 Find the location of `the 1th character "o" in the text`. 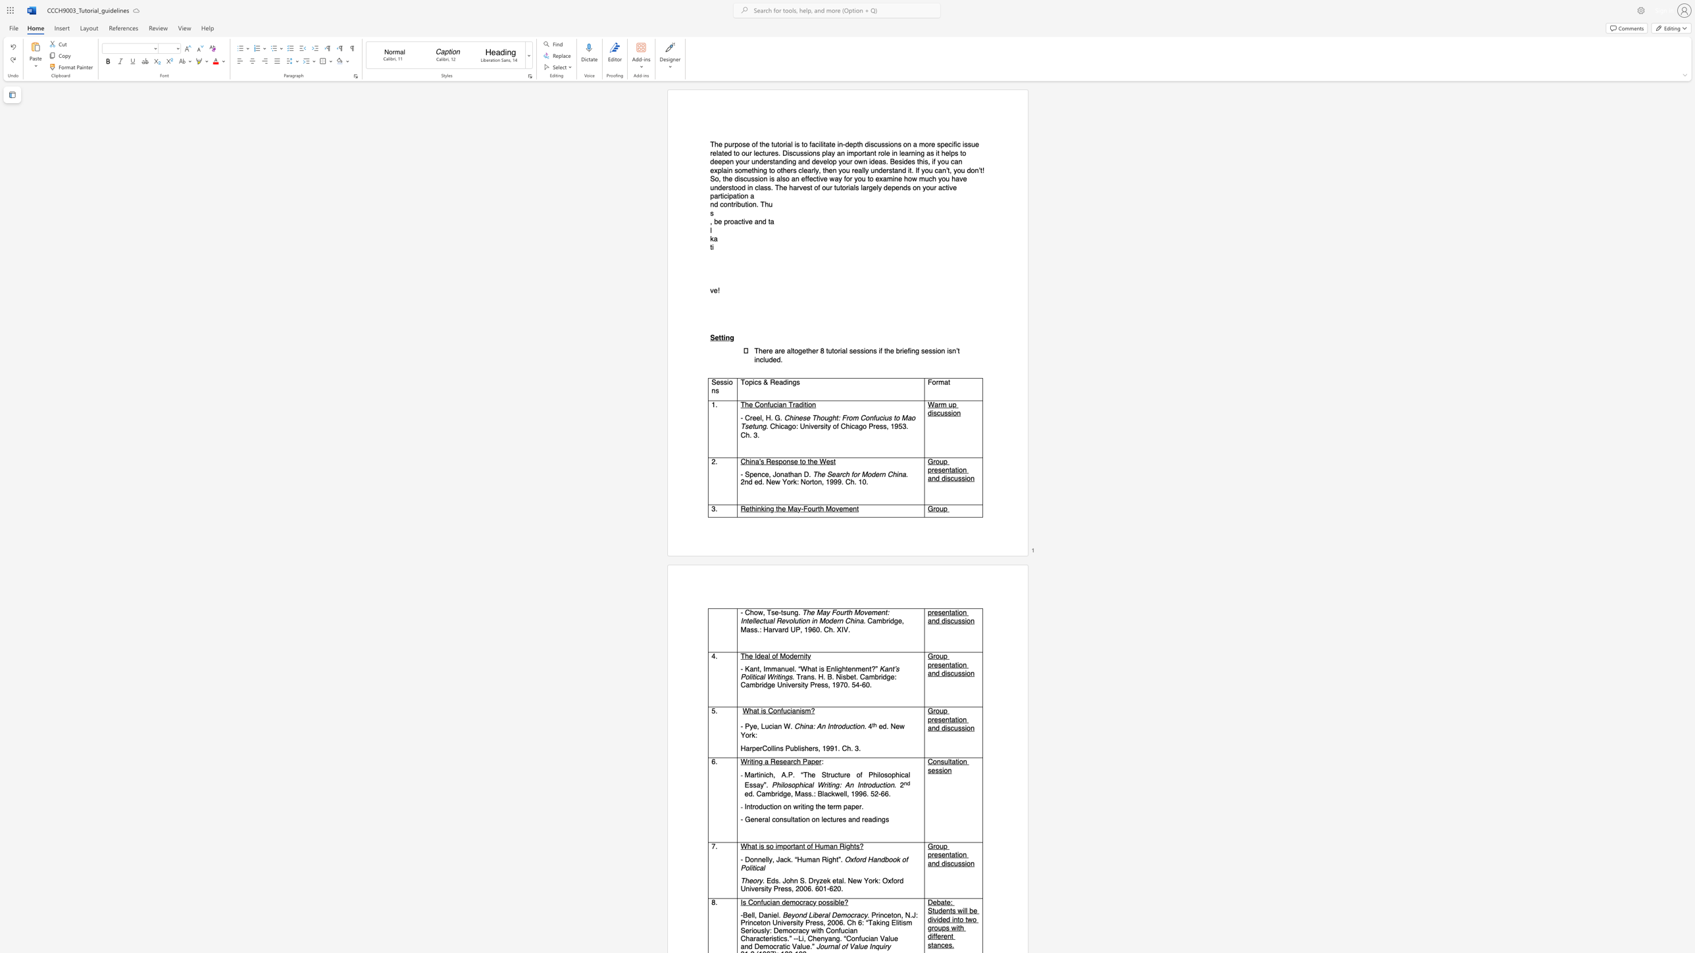

the 1th character "o" in the text is located at coordinates (746, 383).